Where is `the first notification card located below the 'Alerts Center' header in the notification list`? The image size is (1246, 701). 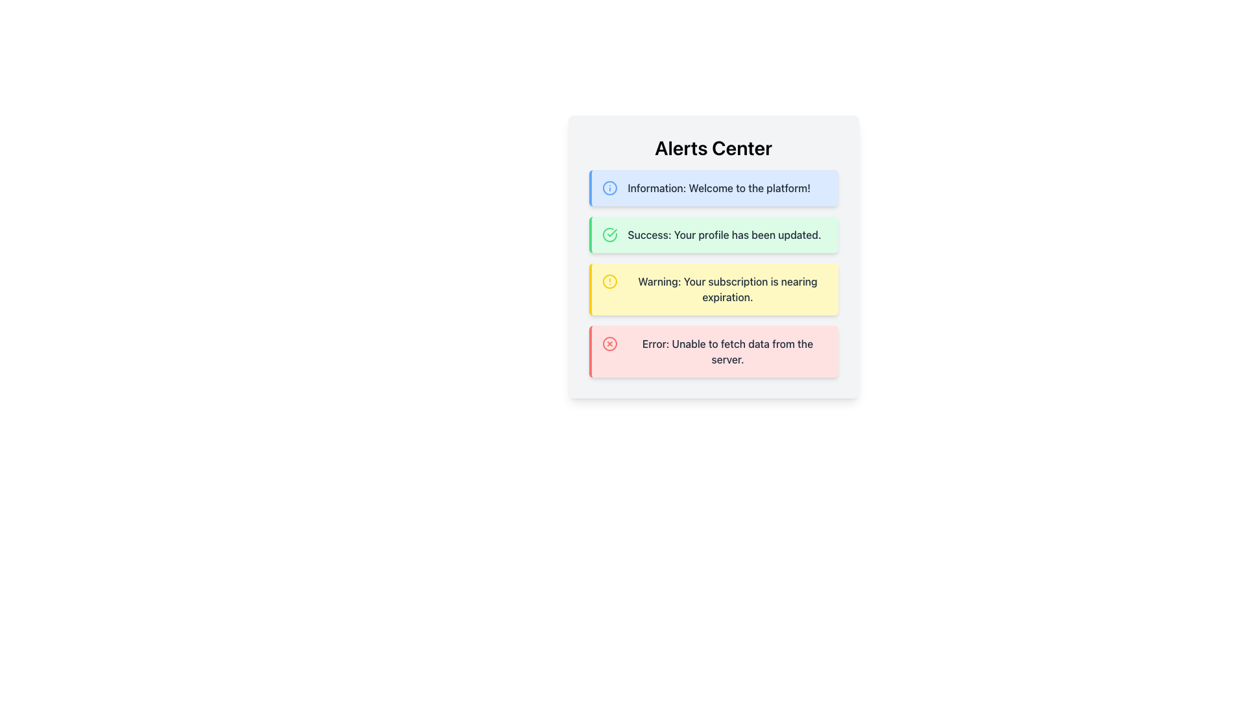
the first notification card located below the 'Alerts Center' header in the notification list is located at coordinates (713, 188).